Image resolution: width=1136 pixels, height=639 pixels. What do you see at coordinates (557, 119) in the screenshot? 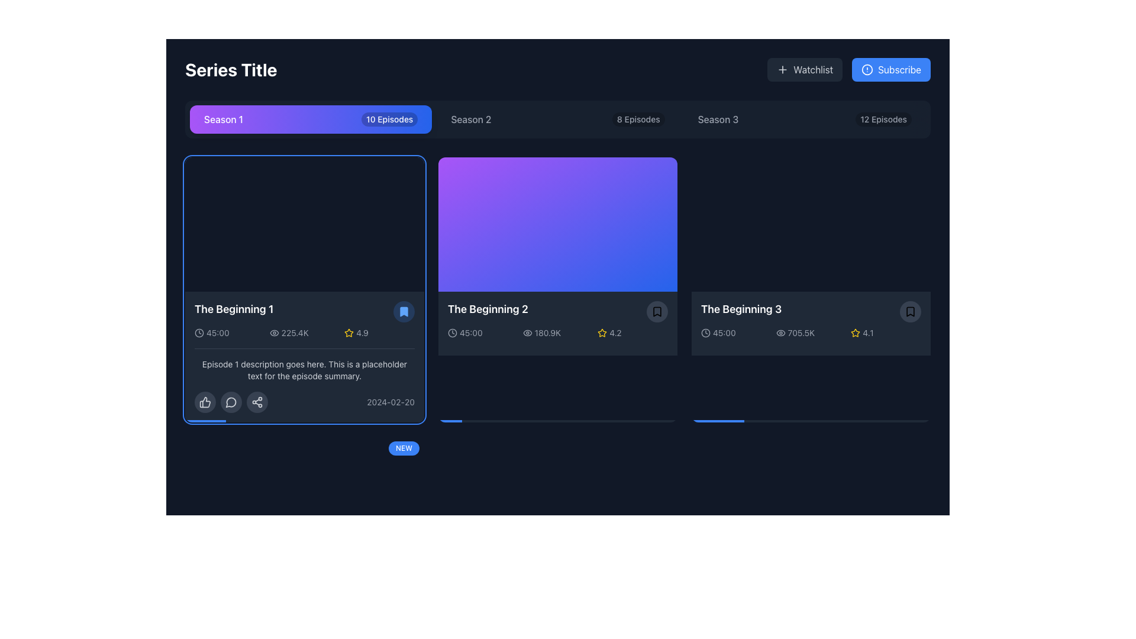
I see `the 'Season 2' tab in the navigation menu` at bounding box center [557, 119].